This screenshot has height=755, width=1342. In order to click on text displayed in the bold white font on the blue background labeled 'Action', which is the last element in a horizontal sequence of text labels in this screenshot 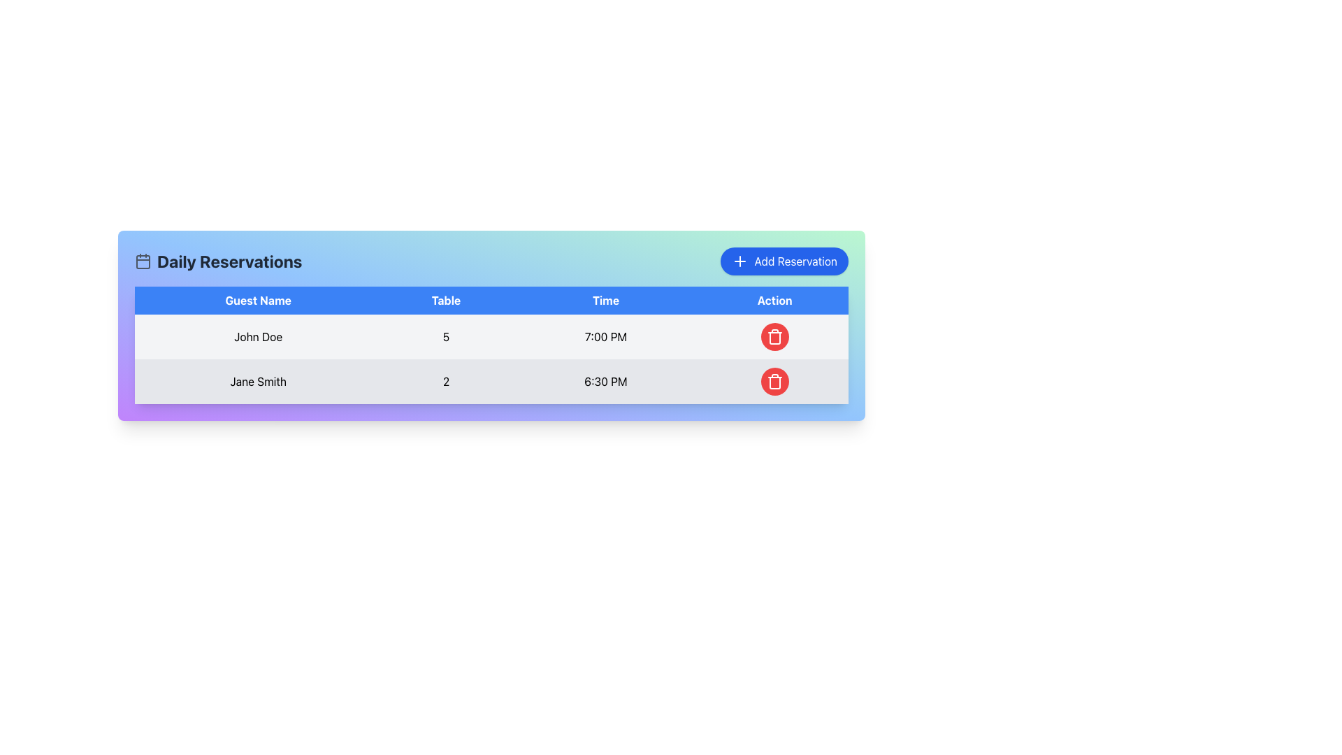, I will do `click(774, 299)`.